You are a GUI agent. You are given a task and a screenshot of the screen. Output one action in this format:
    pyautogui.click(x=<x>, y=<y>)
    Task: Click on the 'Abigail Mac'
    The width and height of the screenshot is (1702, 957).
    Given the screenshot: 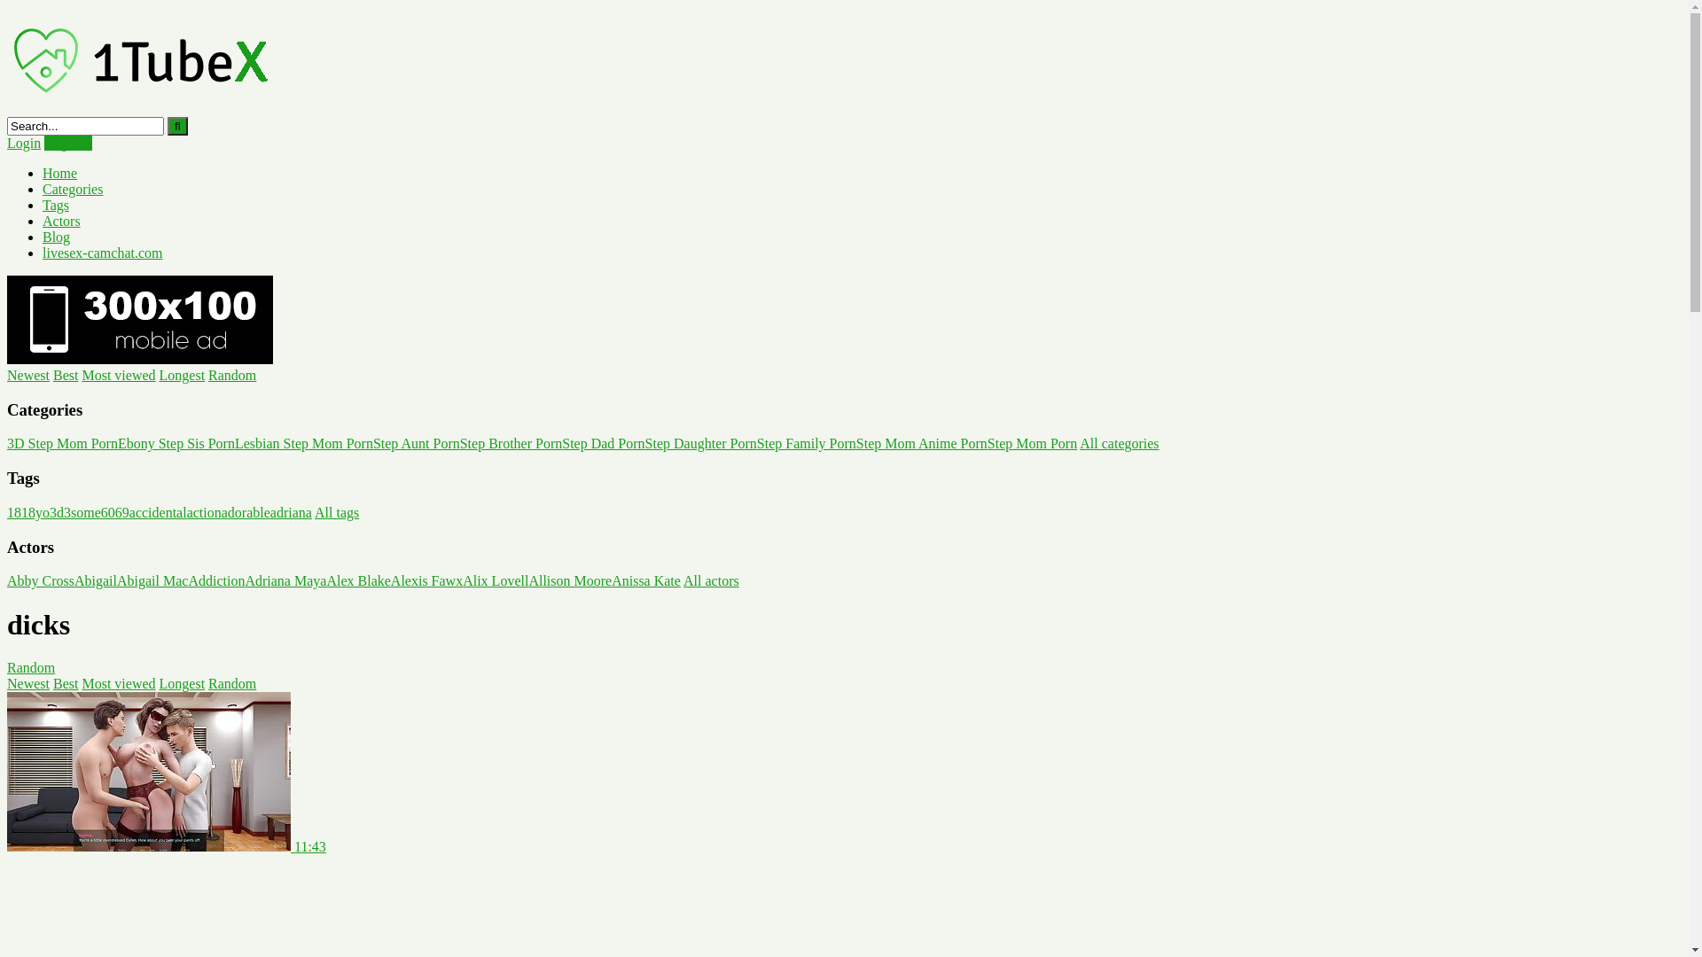 What is the action you would take?
    pyautogui.click(x=152, y=580)
    